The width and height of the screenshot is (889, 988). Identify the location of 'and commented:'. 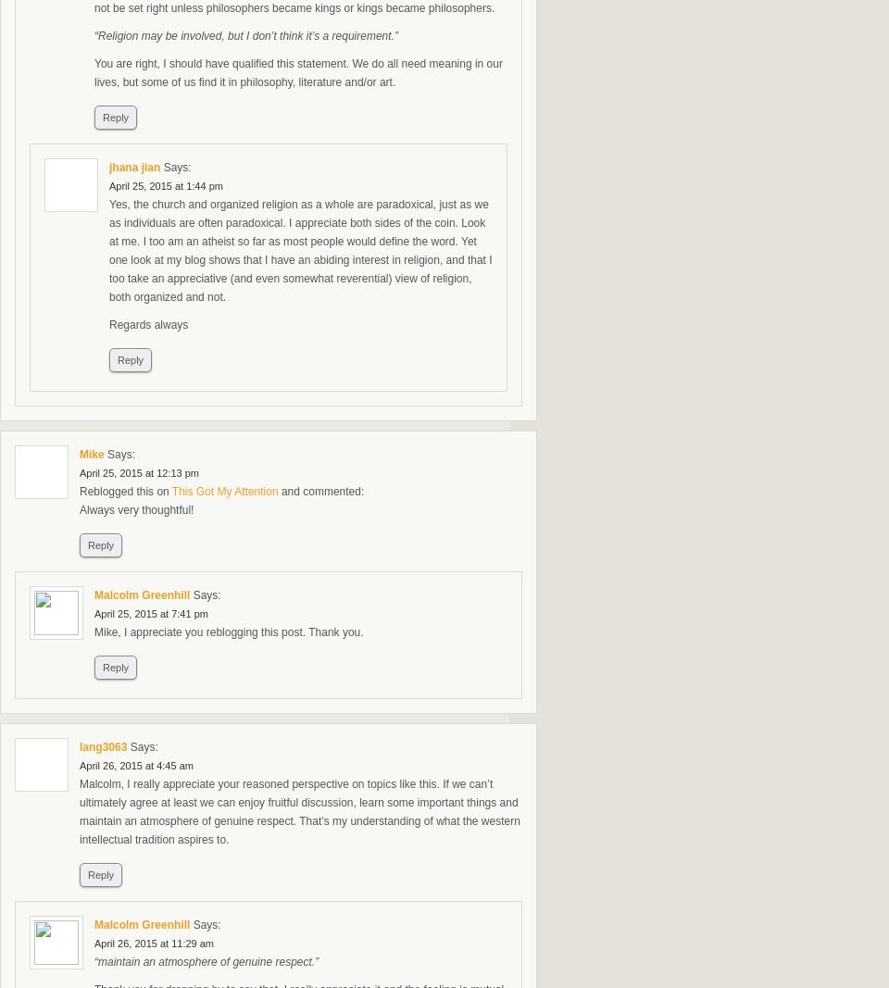
(320, 491).